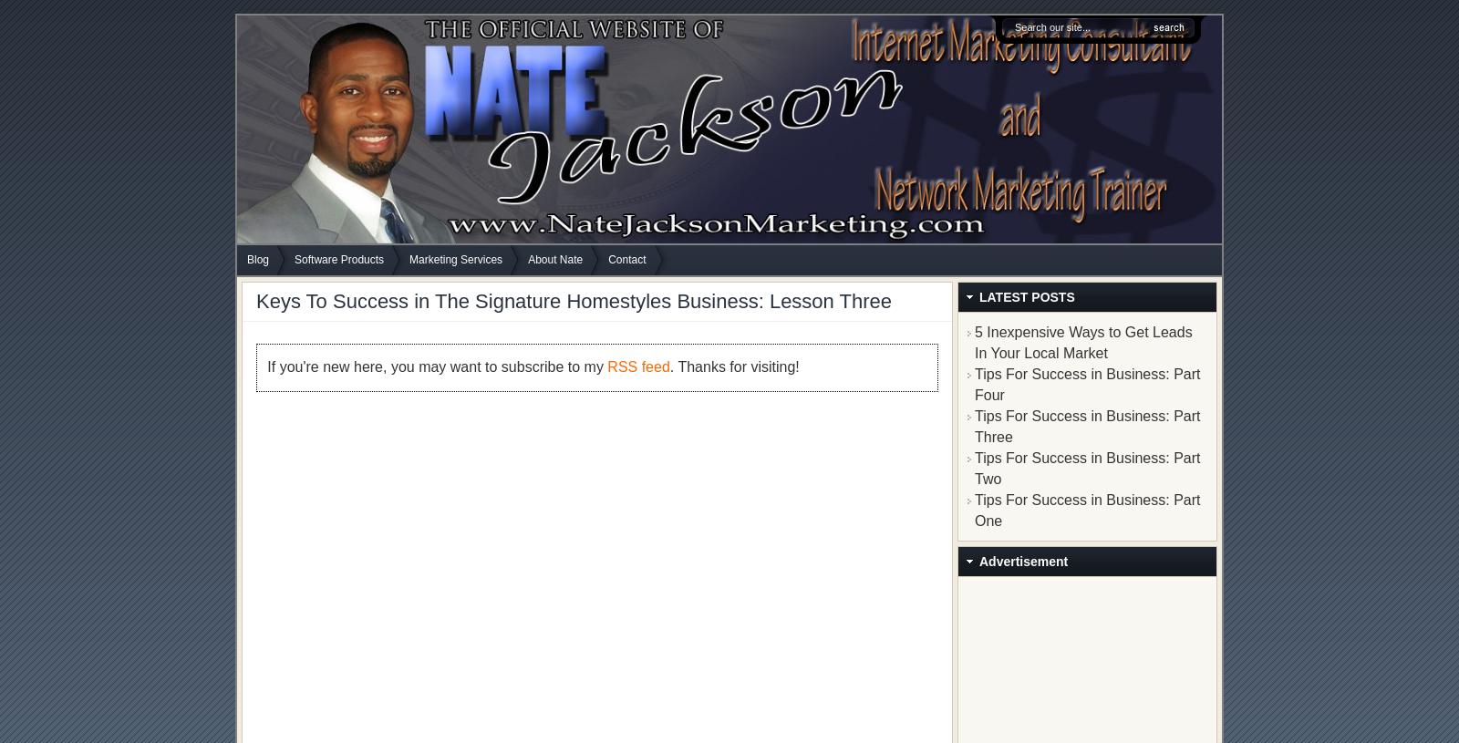  I want to click on 'If you're new here, you may want to subscribe to my', so click(436, 366).